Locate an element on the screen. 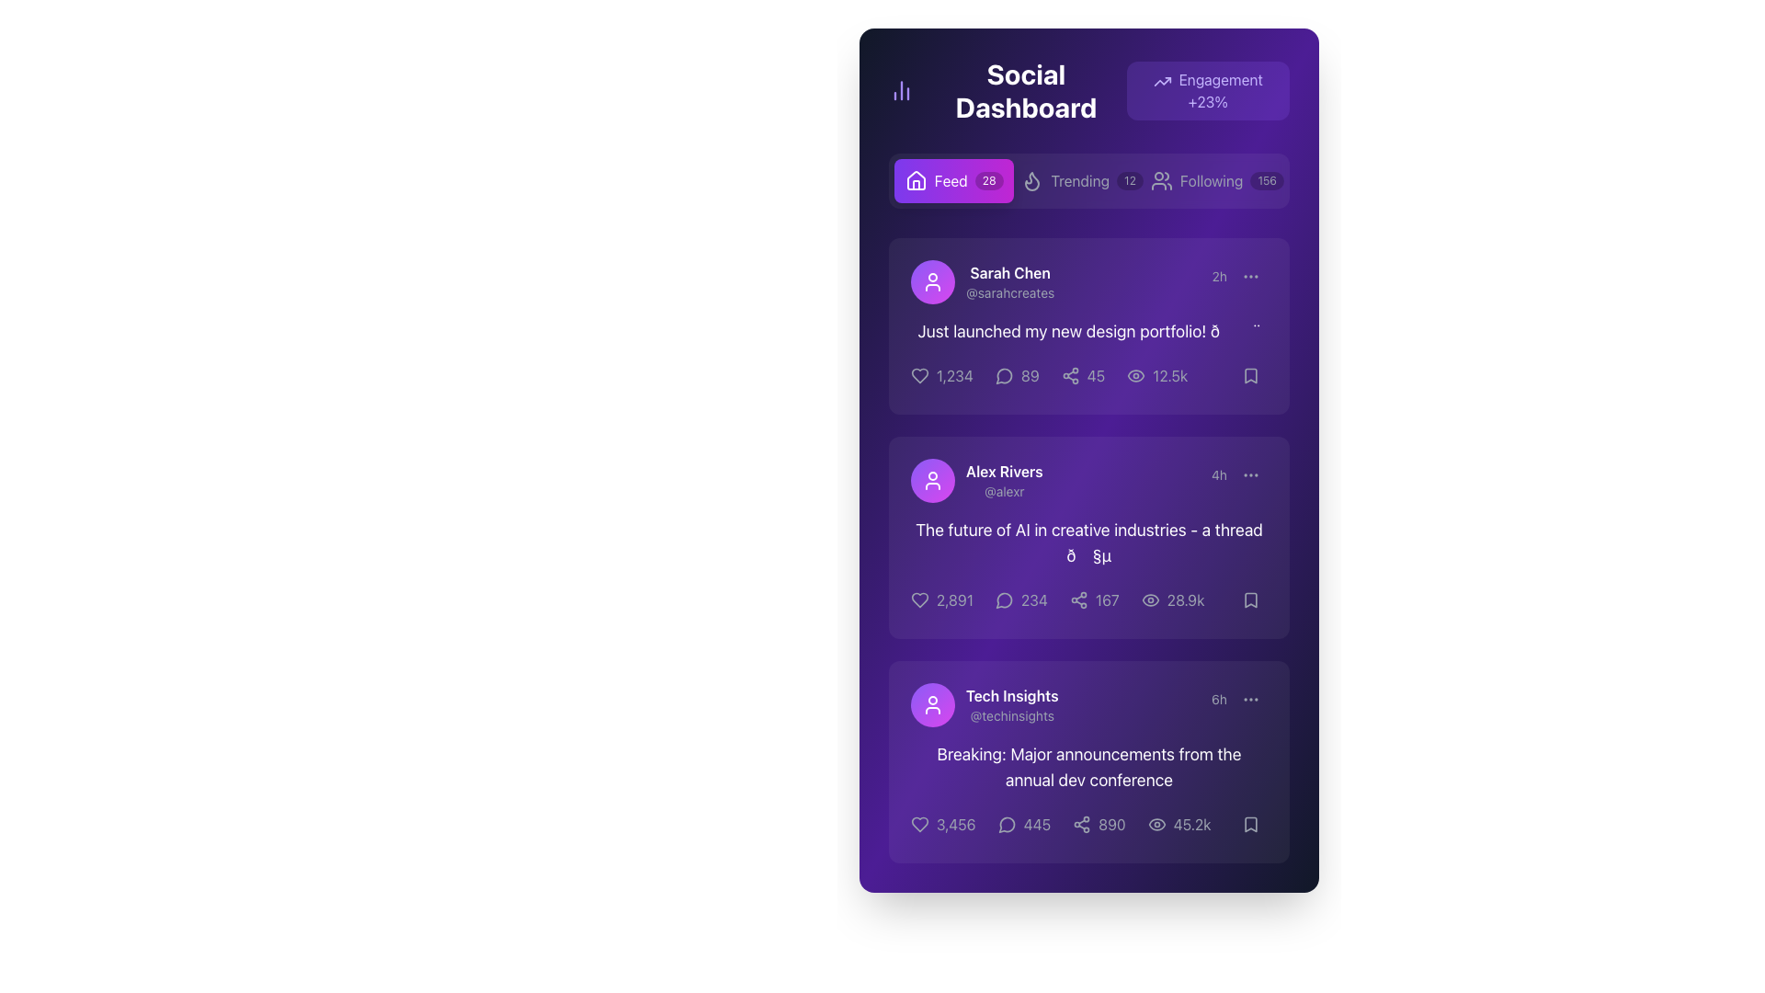 The image size is (1765, 993). the Text label displaying the number of views for the second post in the feed, located in the bottom right corner of the post's metrics section is located at coordinates (1186, 599).